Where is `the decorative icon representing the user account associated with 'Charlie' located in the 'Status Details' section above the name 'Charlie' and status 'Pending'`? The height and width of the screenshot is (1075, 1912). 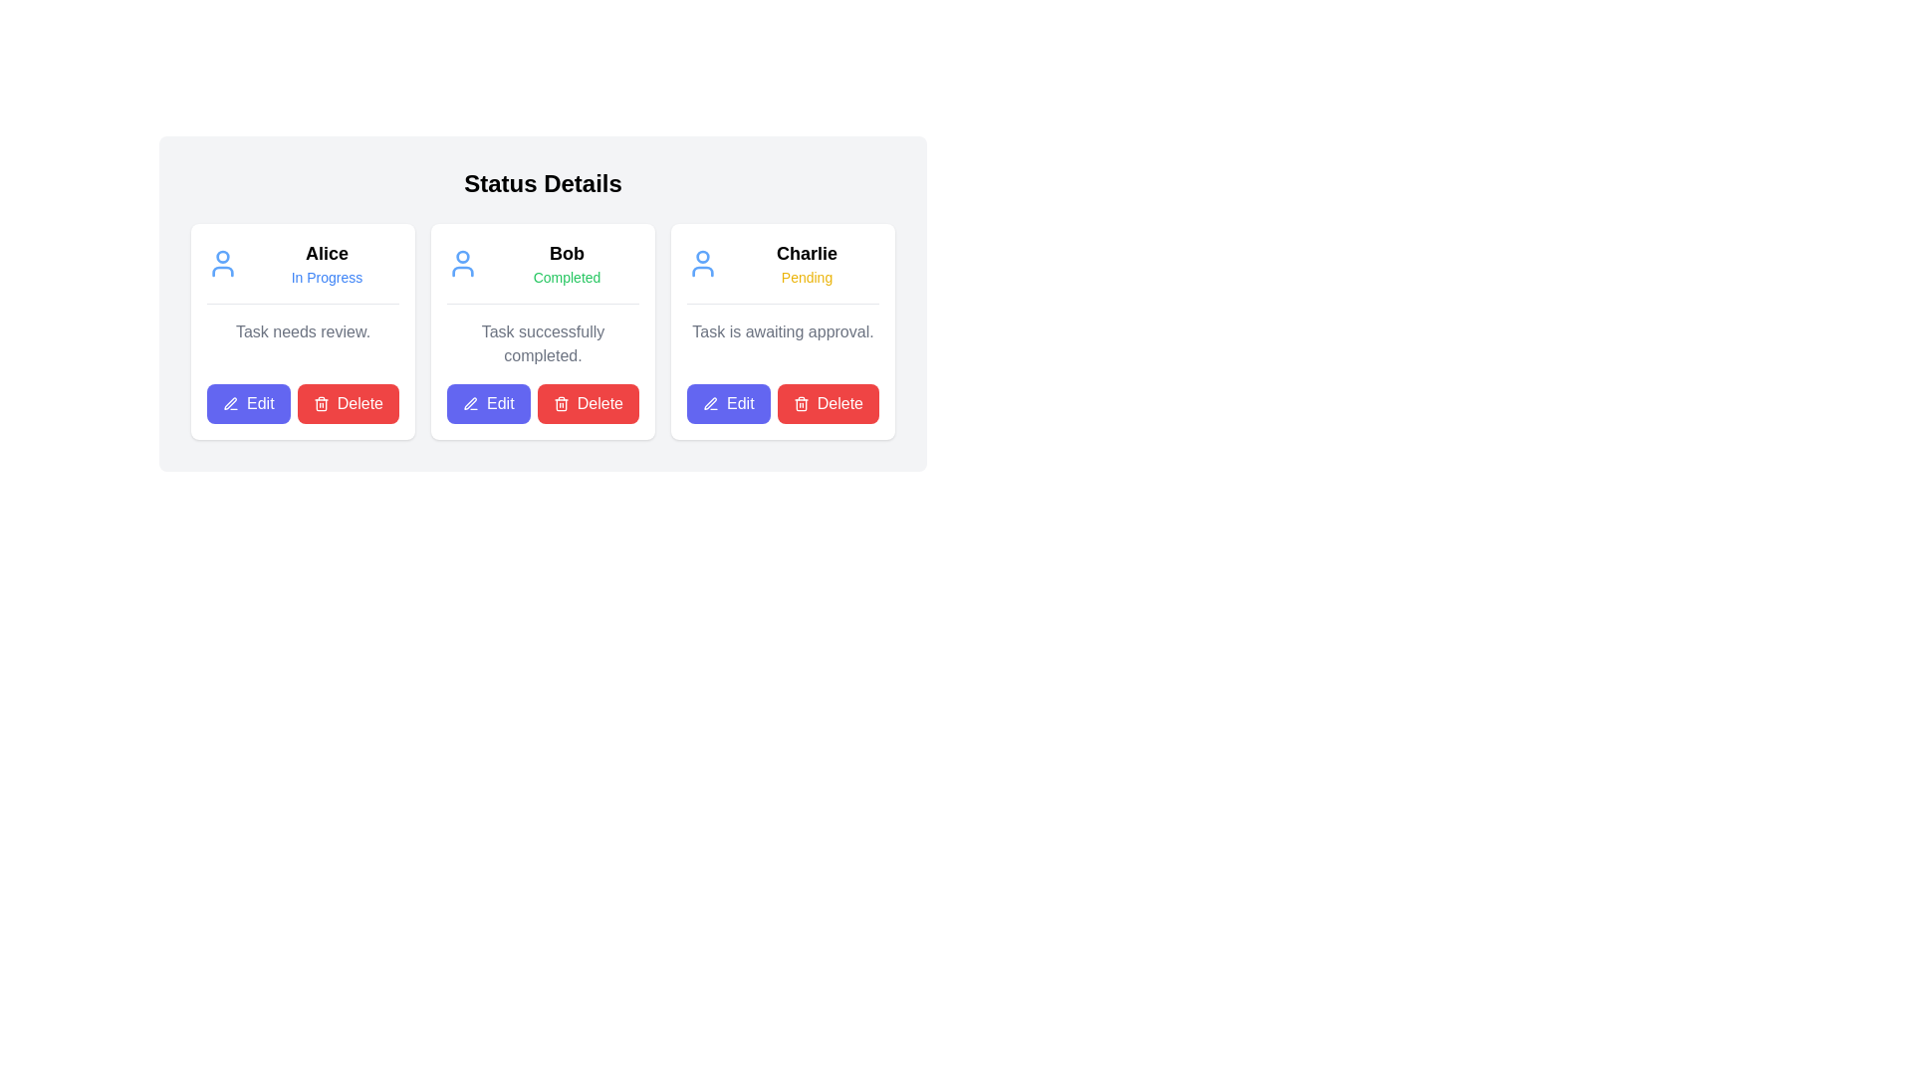
the decorative icon representing the user account associated with 'Charlie' located in the 'Status Details' section above the name 'Charlie' and status 'Pending' is located at coordinates (702, 263).